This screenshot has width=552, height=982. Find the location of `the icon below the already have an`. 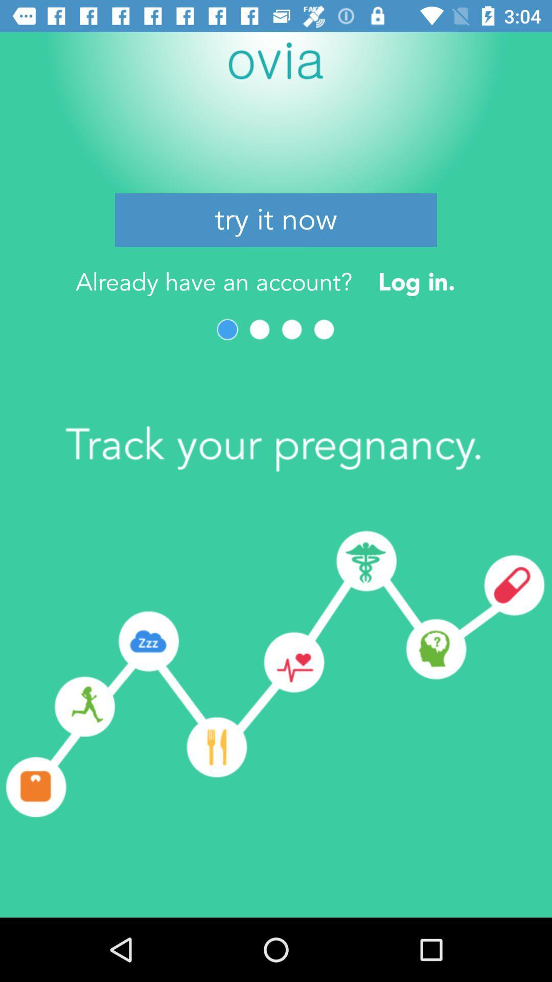

the icon below the already have an is located at coordinates (259, 329).